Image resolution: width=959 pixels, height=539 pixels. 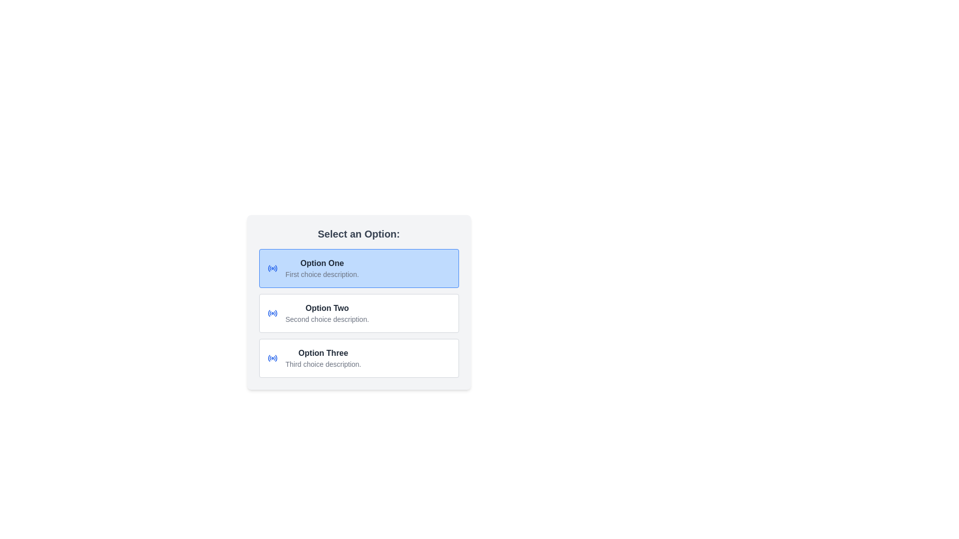 I want to click on the Text label identifying the second selectable option in the list, which is centrally aligned above the descriptive text 'Second choice description.', so click(x=327, y=307).